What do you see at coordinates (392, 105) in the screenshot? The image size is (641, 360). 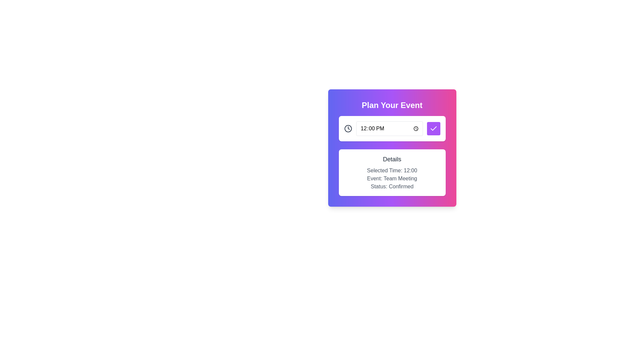 I see `the static text heading located at the top of the event planning interface, which describes the purpose of the surrounding information` at bounding box center [392, 105].